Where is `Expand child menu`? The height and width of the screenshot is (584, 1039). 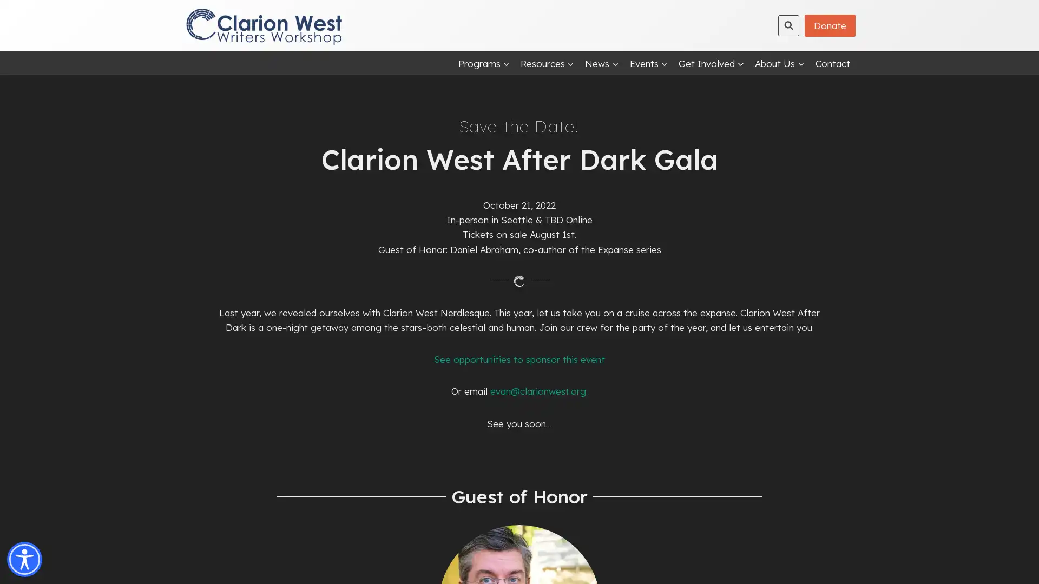 Expand child menu is located at coordinates (711, 63).